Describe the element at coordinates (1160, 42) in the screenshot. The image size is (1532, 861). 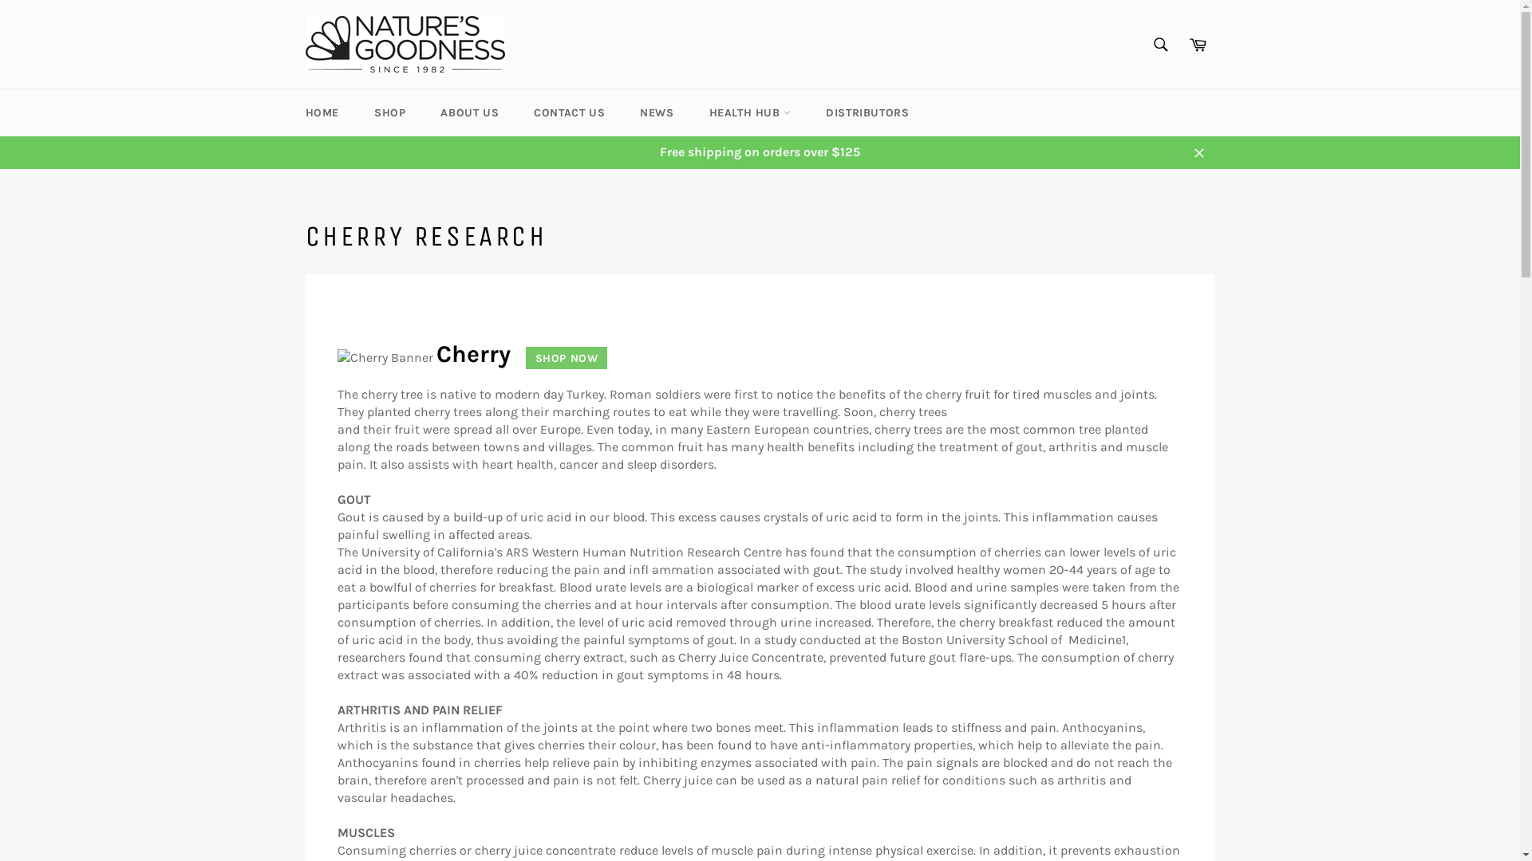
I see `'Search'` at that location.